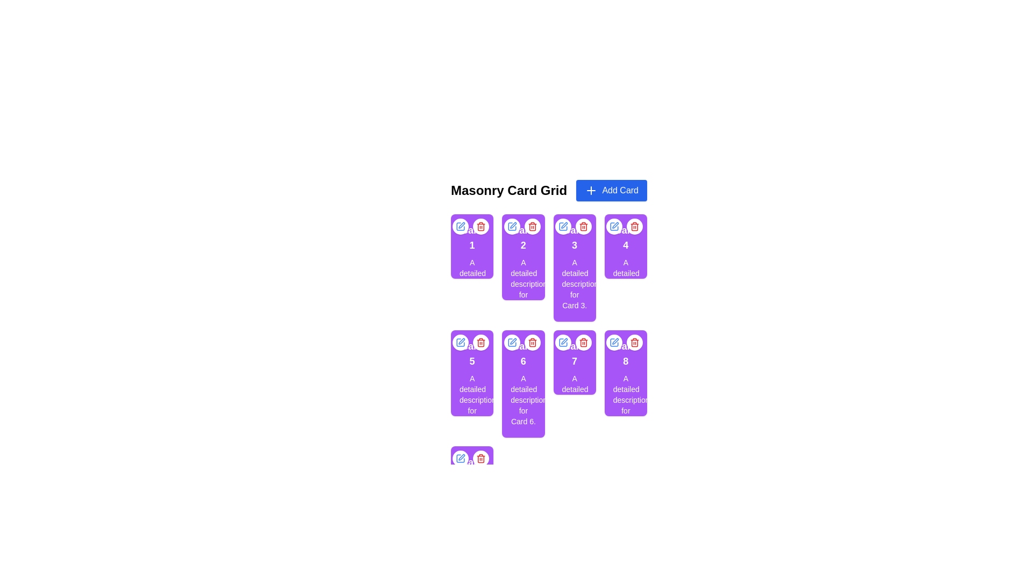 The height and width of the screenshot is (580, 1032). I want to click on the rectangular edit icon with a blue outline and a pencil symbol located at the top-left of card number '2' to initiate an edit action, so click(511, 226).